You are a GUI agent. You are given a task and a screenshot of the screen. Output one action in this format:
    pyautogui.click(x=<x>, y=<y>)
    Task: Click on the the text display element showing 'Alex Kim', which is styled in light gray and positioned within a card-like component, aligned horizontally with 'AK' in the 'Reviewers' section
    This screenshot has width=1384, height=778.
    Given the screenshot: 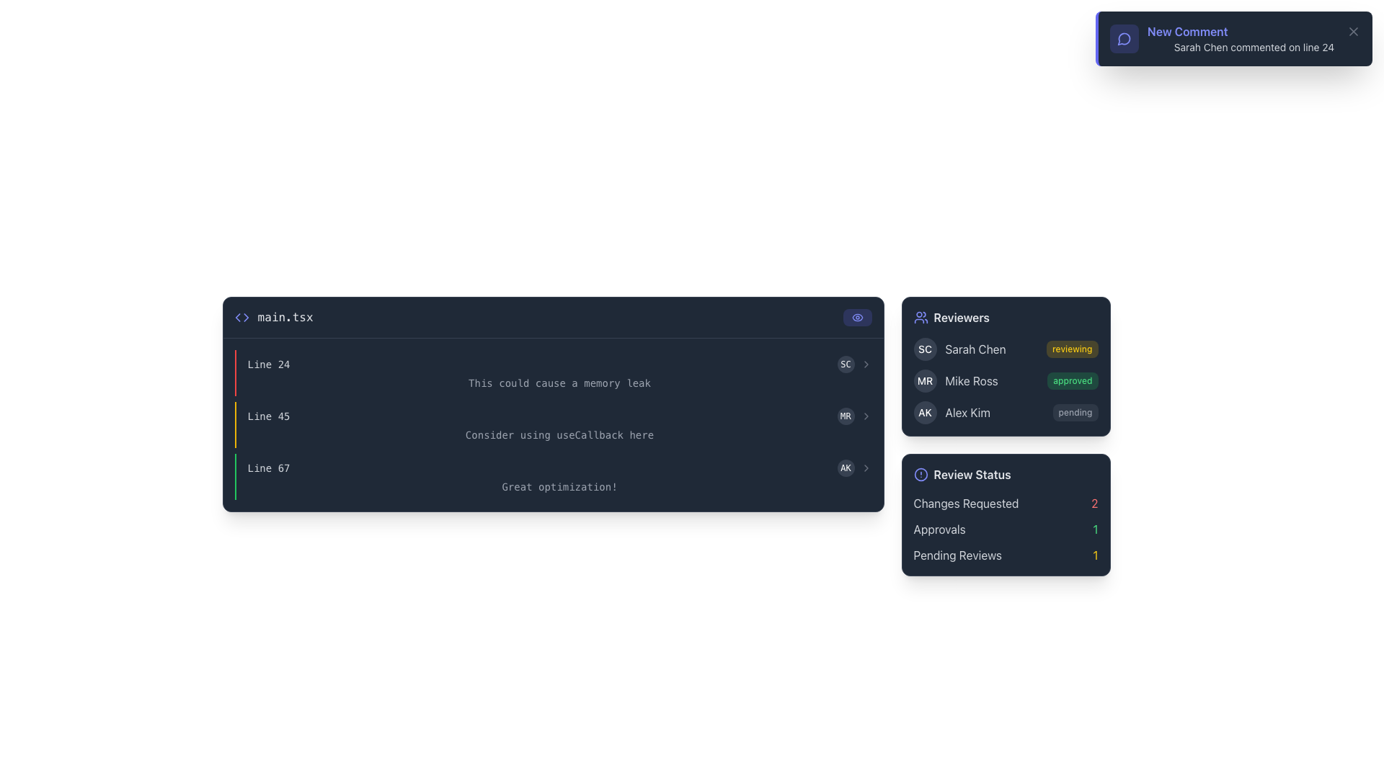 What is the action you would take?
    pyautogui.click(x=967, y=413)
    